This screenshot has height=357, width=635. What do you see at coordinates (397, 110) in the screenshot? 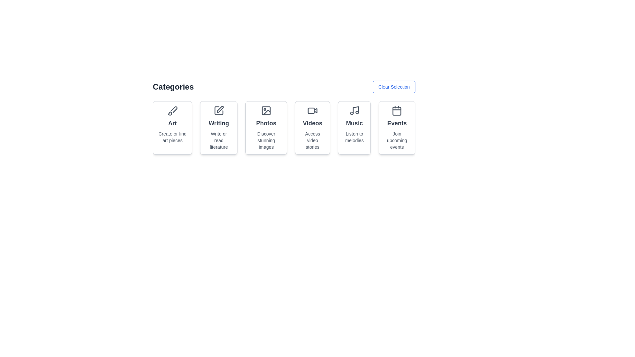
I see `the calendar icon located at the top of the 'Events' section, which serves as a visual cue for event-related categories` at bounding box center [397, 110].